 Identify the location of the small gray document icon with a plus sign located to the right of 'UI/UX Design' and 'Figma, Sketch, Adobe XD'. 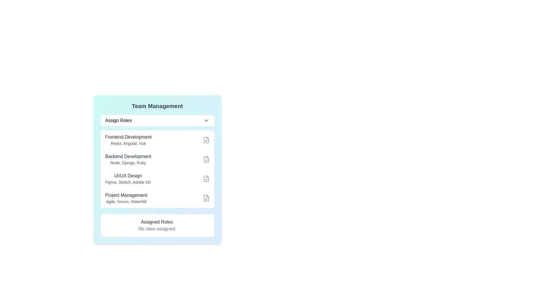
(206, 179).